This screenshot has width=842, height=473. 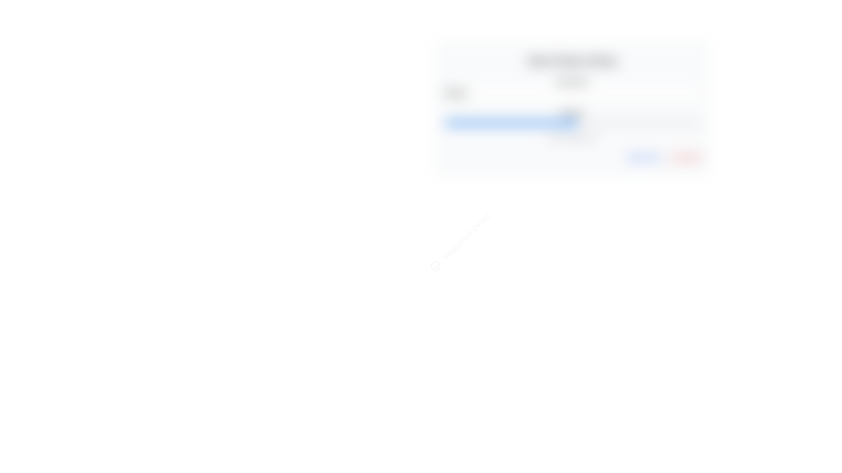 I want to click on the graphical icon located near the left side of the 'Confirm' button, which enhances its recognizability and user engagement, so click(x=633, y=157).